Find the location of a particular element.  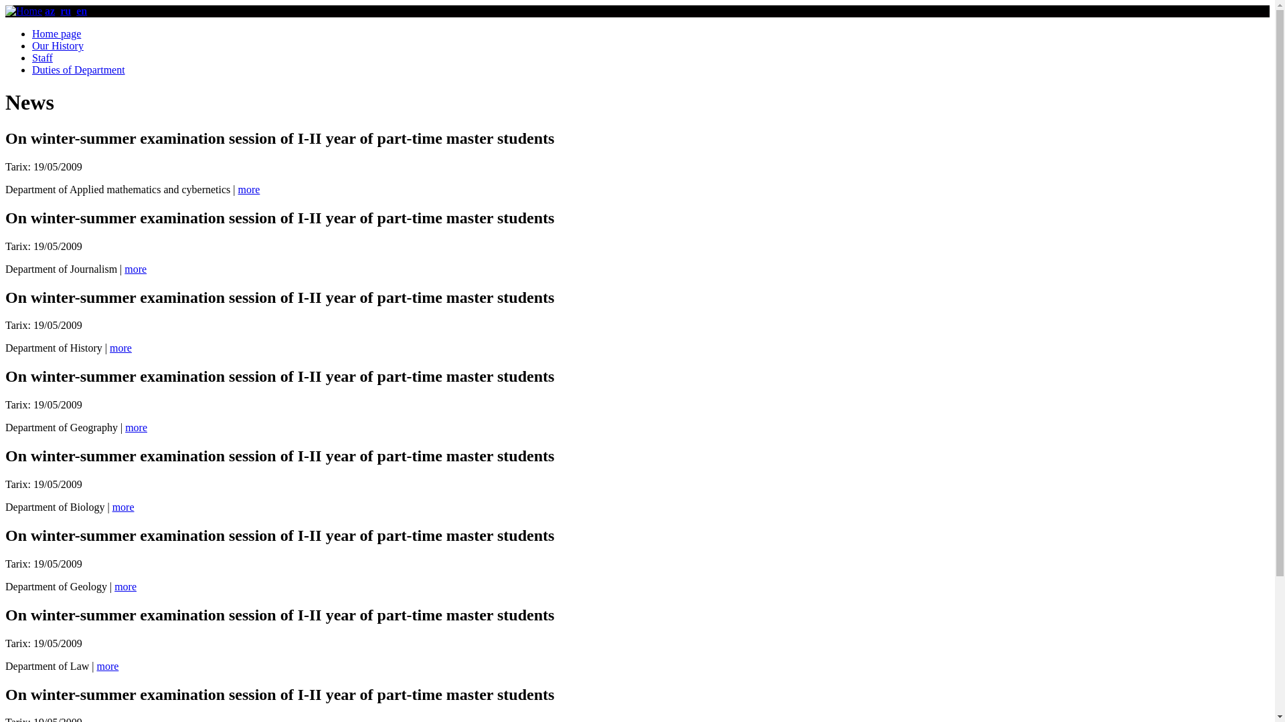

'more' is located at coordinates (135, 269).